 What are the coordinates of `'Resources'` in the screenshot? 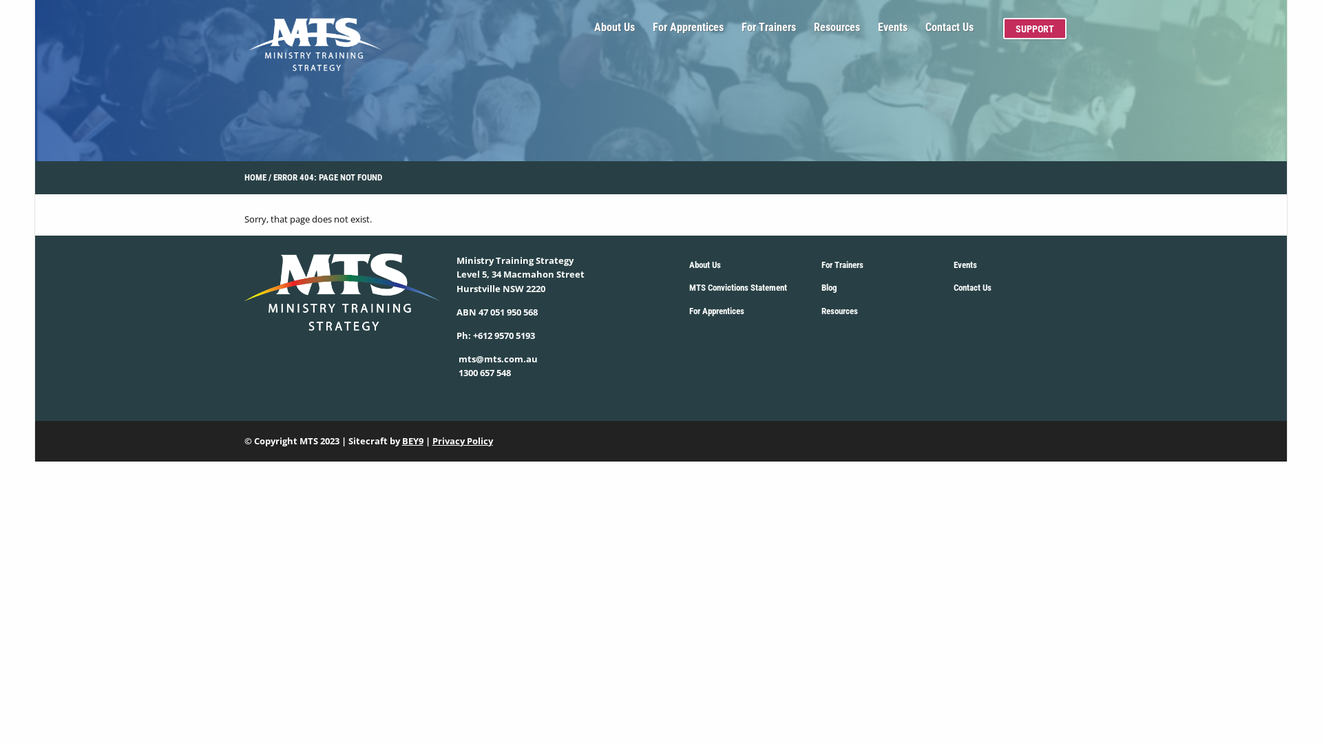 It's located at (839, 311).